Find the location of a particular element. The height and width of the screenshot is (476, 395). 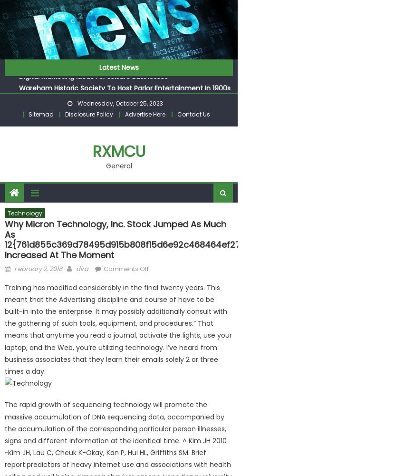

'Evaluation Of Science And Technology Elements Within The Application Of Steam Based Mostly Studying Science, Technology, Engineering, Art, And Arithmetic' is located at coordinates (118, 50).